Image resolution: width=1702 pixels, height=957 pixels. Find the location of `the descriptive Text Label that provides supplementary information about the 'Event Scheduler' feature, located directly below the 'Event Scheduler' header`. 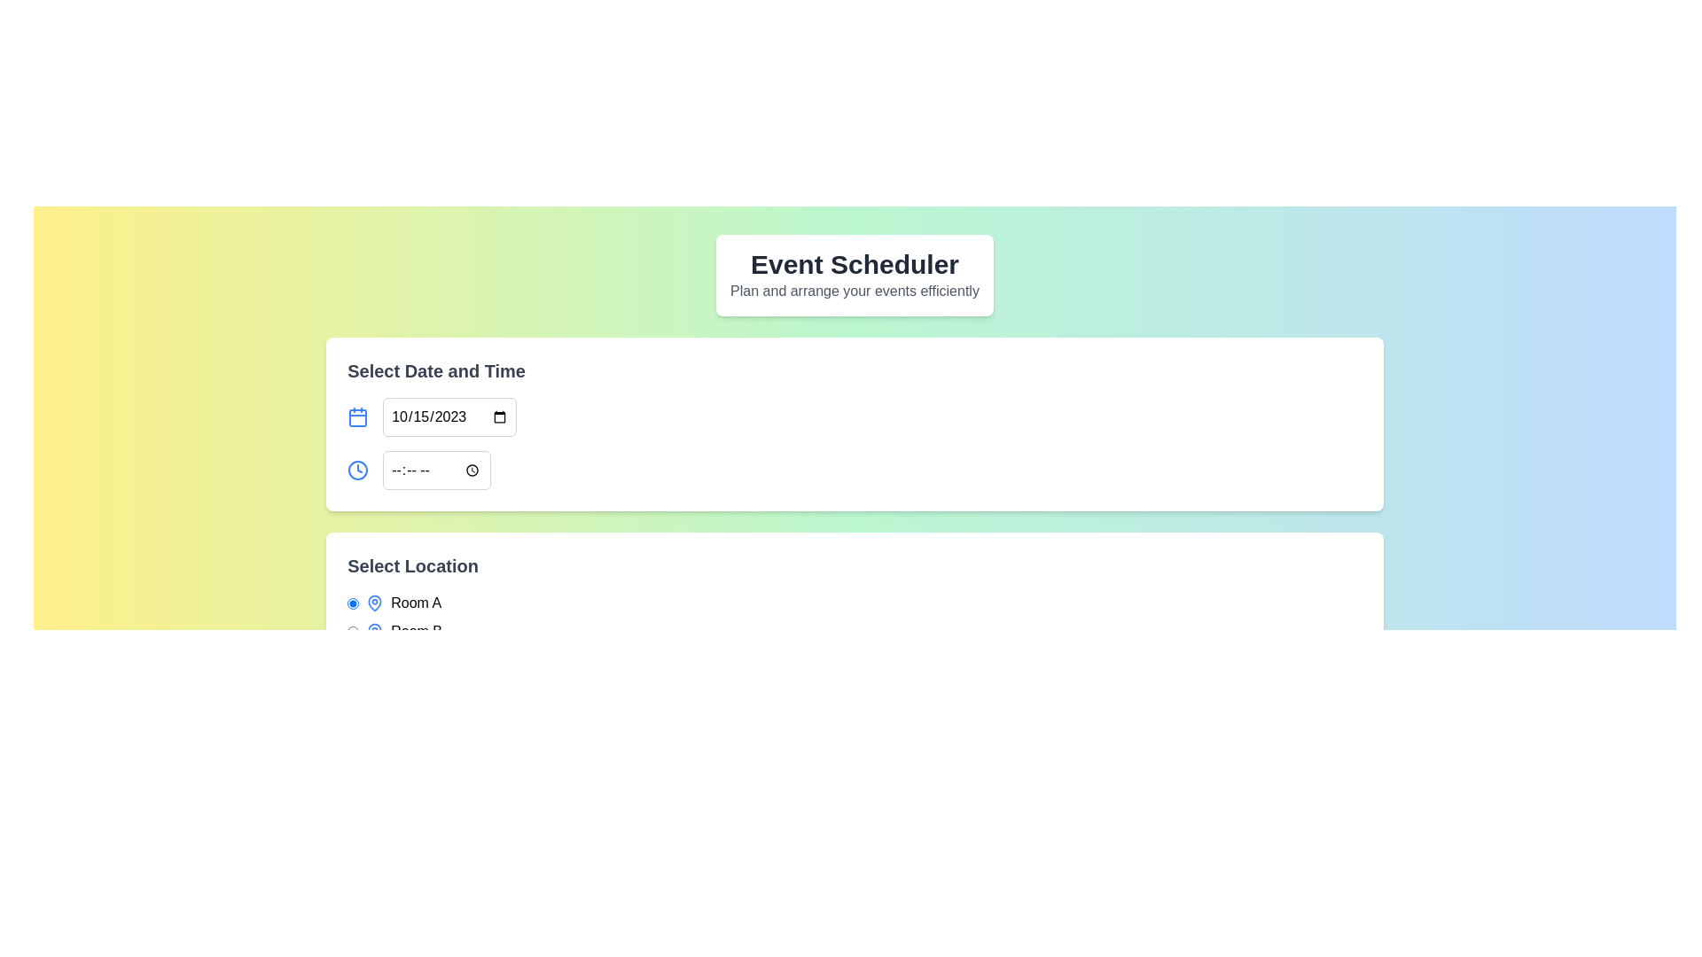

the descriptive Text Label that provides supplementary information about the 'Event Scheduler' feature, located directly below the 'Event Scheduler' header is located at coordinates (855, 290).